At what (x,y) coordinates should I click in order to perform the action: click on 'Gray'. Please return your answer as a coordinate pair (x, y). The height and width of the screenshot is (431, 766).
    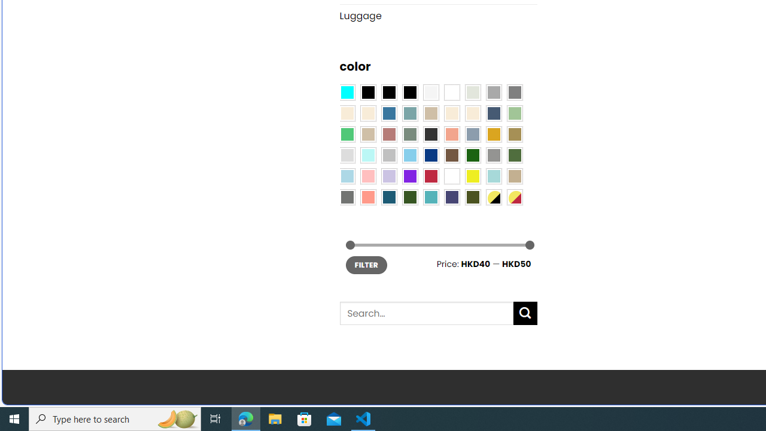
    Looking at the image, I should click on (493, 154).